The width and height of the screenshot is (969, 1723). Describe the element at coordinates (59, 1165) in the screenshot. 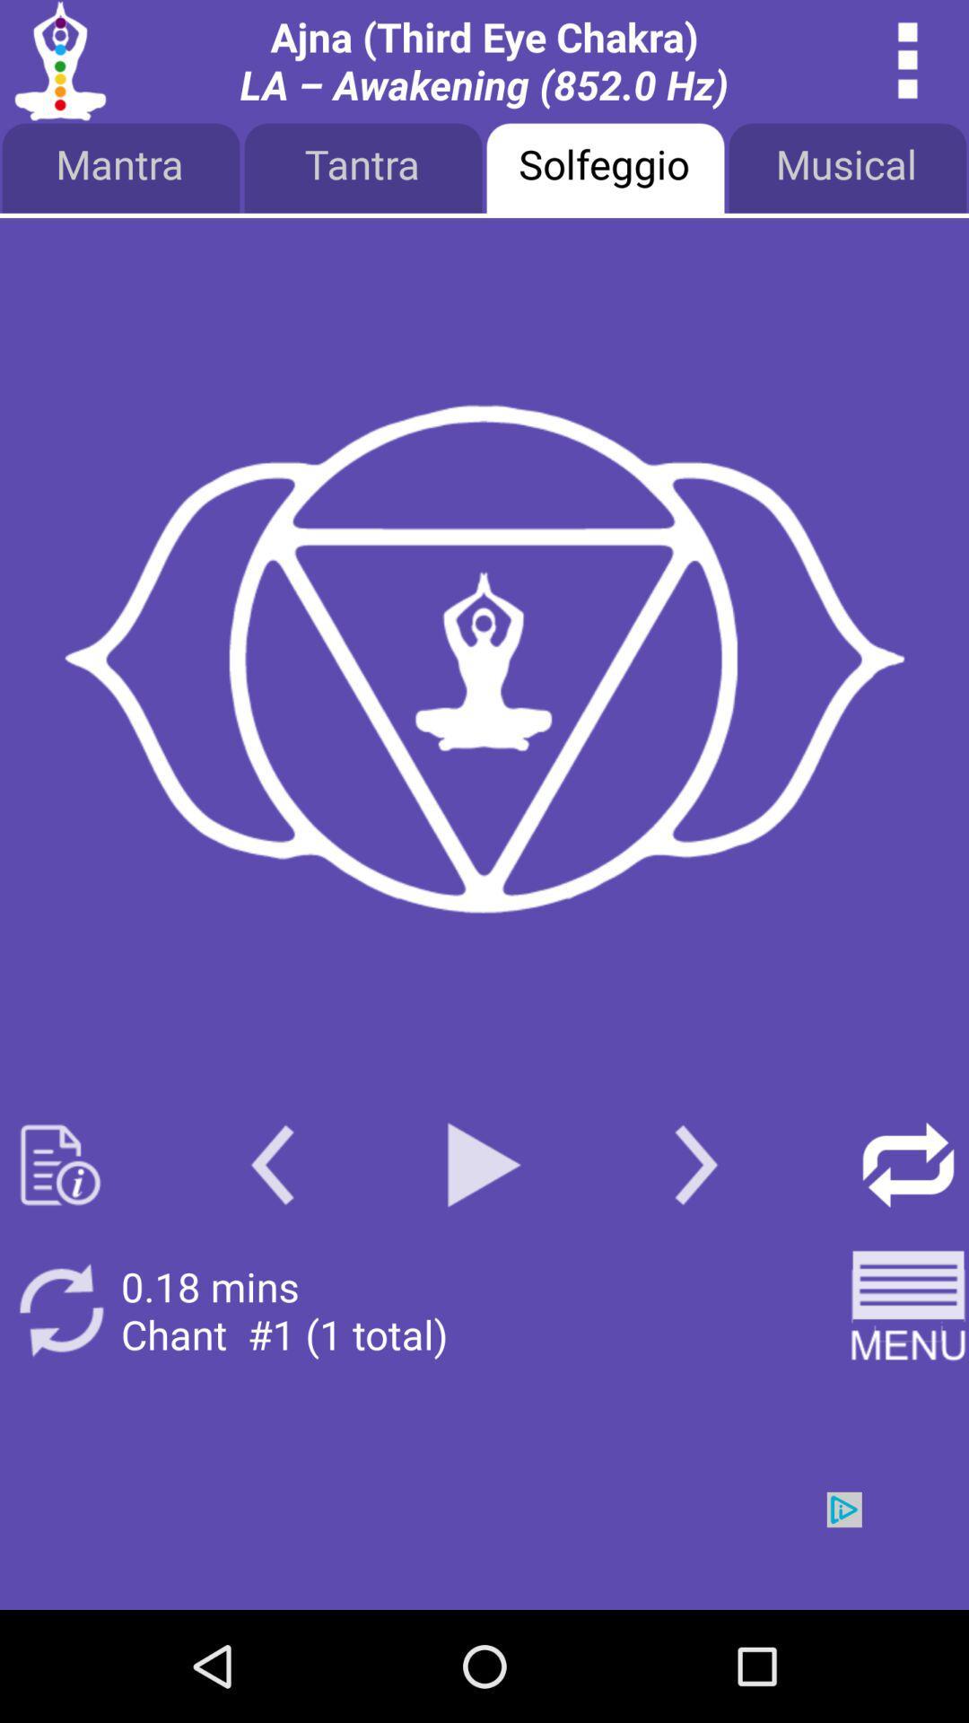

I see `open info tab` at that location.